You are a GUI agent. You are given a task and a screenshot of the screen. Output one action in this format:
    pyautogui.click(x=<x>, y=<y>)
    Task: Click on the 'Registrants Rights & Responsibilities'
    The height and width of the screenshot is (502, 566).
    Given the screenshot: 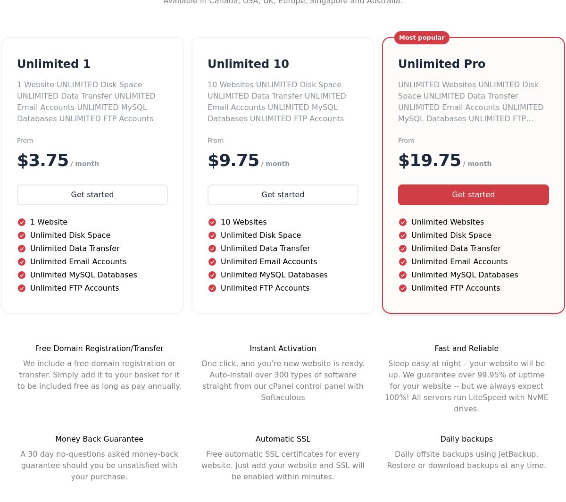 What is the action you would take?
    pyautogui.click(x=490, y=268)
    